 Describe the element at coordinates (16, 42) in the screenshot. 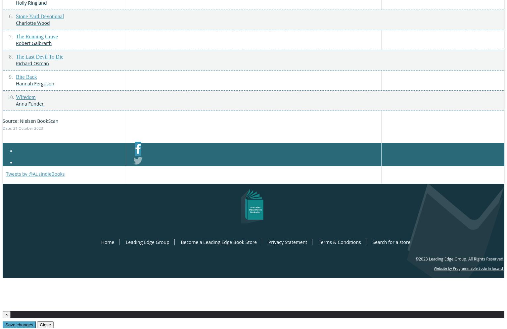

I see `'Robert Galbraith'` at that location.